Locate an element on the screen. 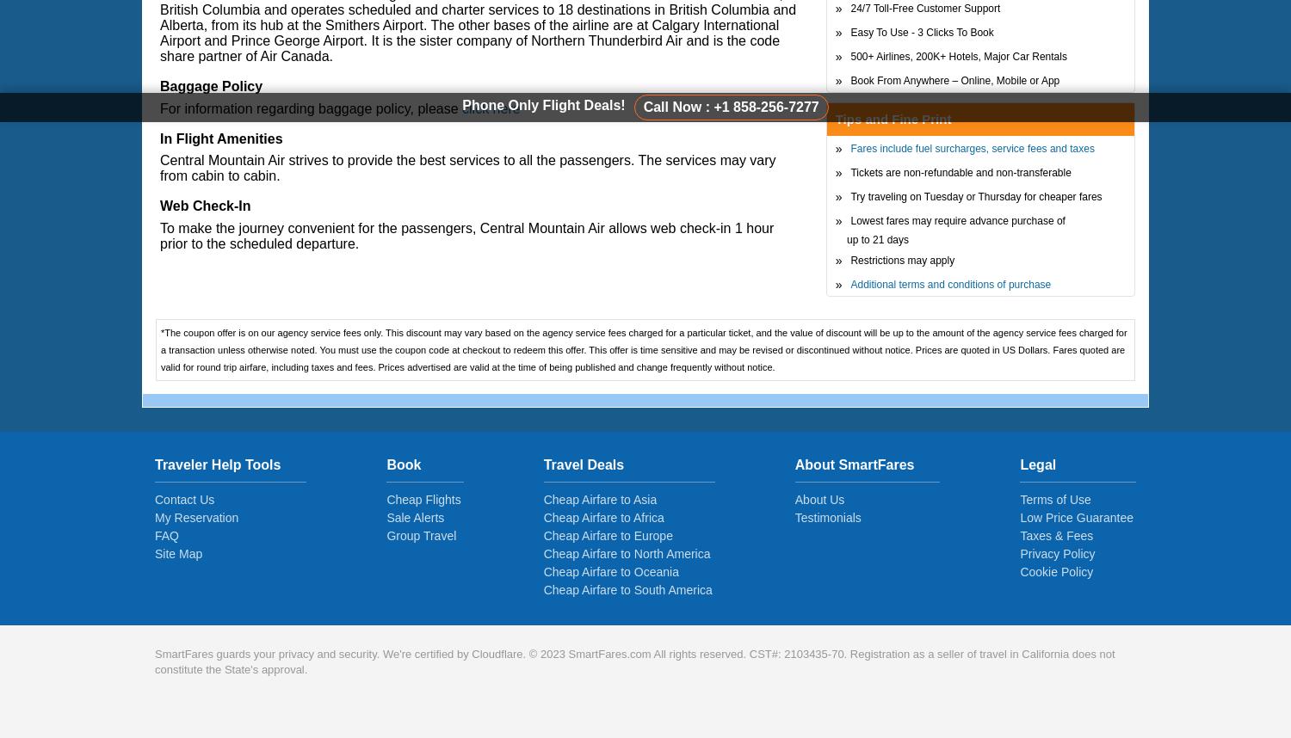  'About Us' is located at coordinates (818, 499).